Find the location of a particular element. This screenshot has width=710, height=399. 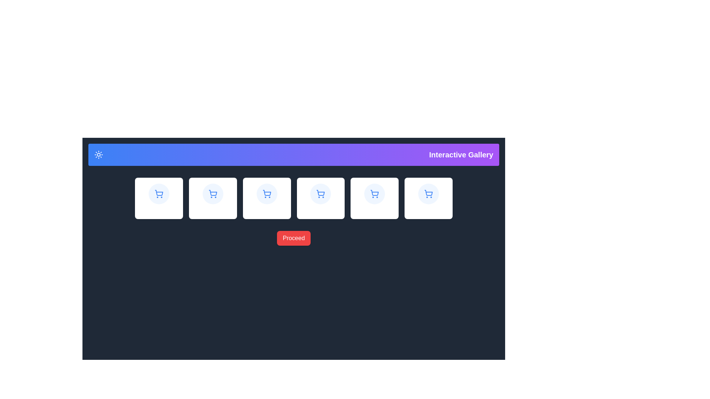

the Card Button, which is the third button in a horizontal grid of six cards, located in the middle row of the interface is located at coordinates (266, 198).